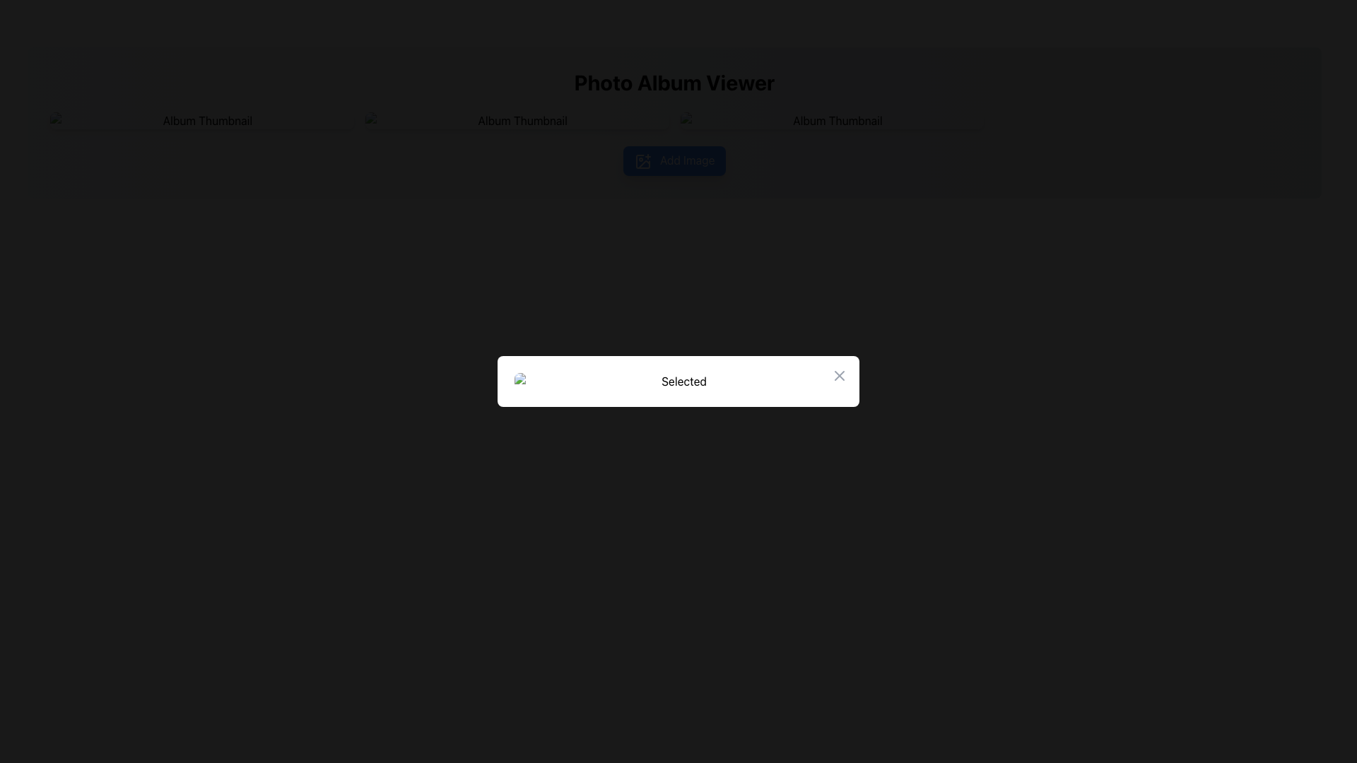 The height and width of the screenshot is (763, 1357). What do you see at coordinates (674, 82) in the screenshot?
I see `the text label or heading that indicates 'Photo Album Viewer', which is centrally positioned above the 'Add Image' button in the top section of the interface` at bounding box center [674, 82].